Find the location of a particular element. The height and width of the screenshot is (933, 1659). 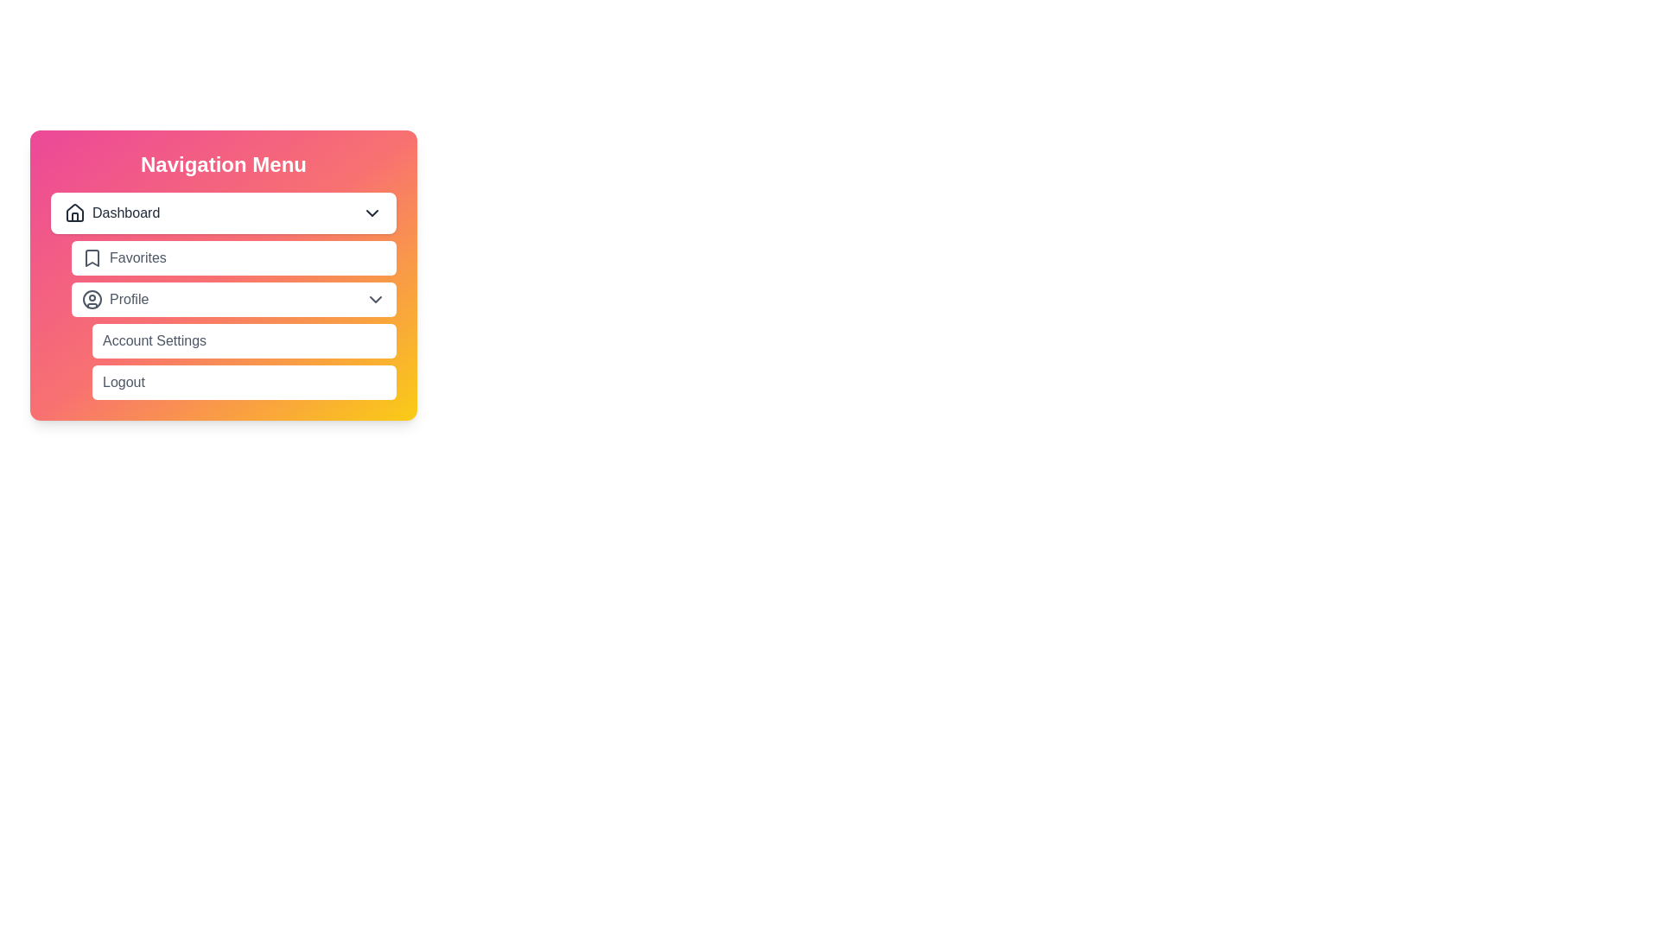

the chevron icon on the right side of the 'Dashboard' section is located at coordinates (372, 212).